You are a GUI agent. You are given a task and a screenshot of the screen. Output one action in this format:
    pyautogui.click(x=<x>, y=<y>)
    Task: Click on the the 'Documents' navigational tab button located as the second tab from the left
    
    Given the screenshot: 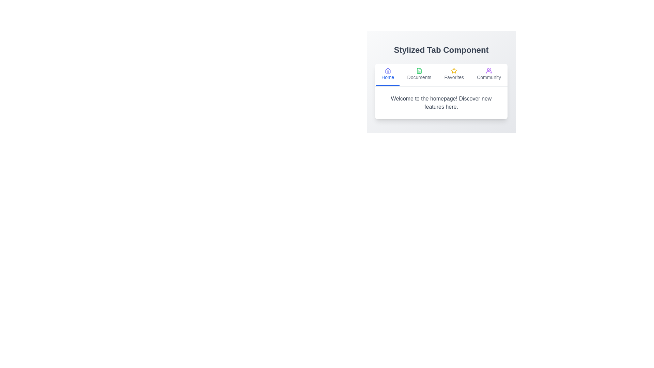 What is the action you would take?
    pyautogui.click(x=419, y=75)
    